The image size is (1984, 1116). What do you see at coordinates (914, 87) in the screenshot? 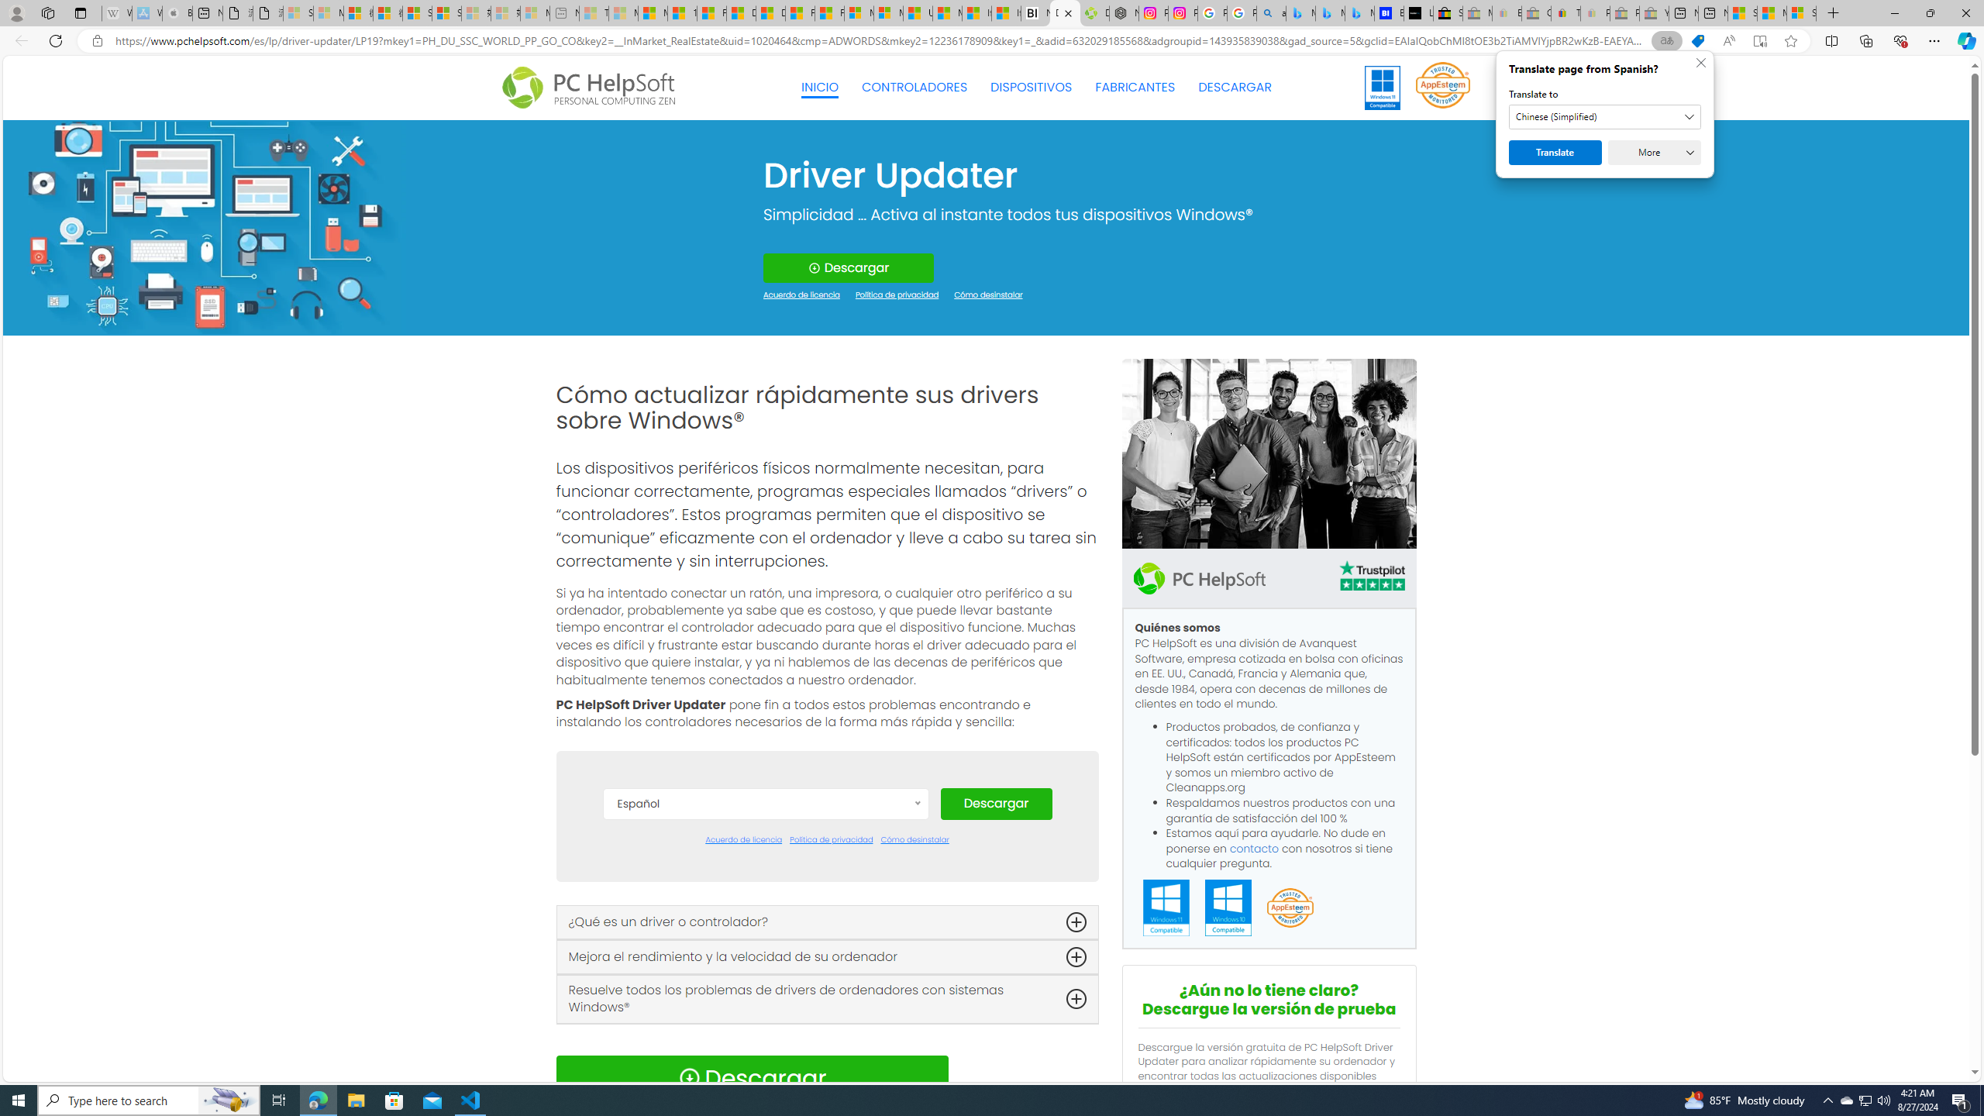
I see `'CONTROLADORES'` at bounding box center [914, 87].